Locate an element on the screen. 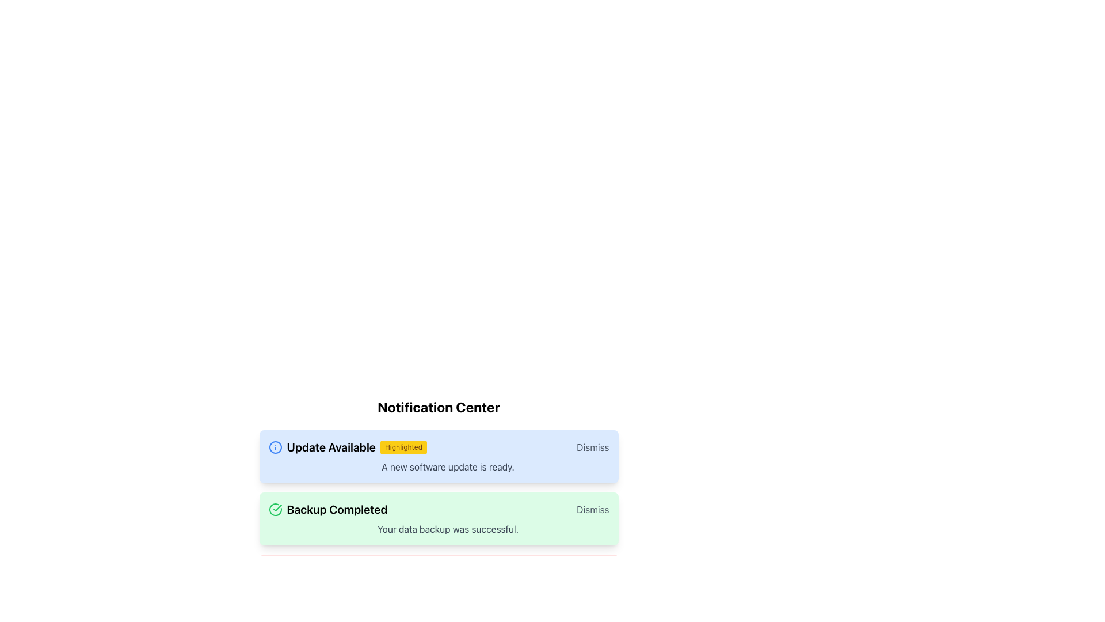  the second notification card in the 'Notification Center' is located at coordinates (438, 502).